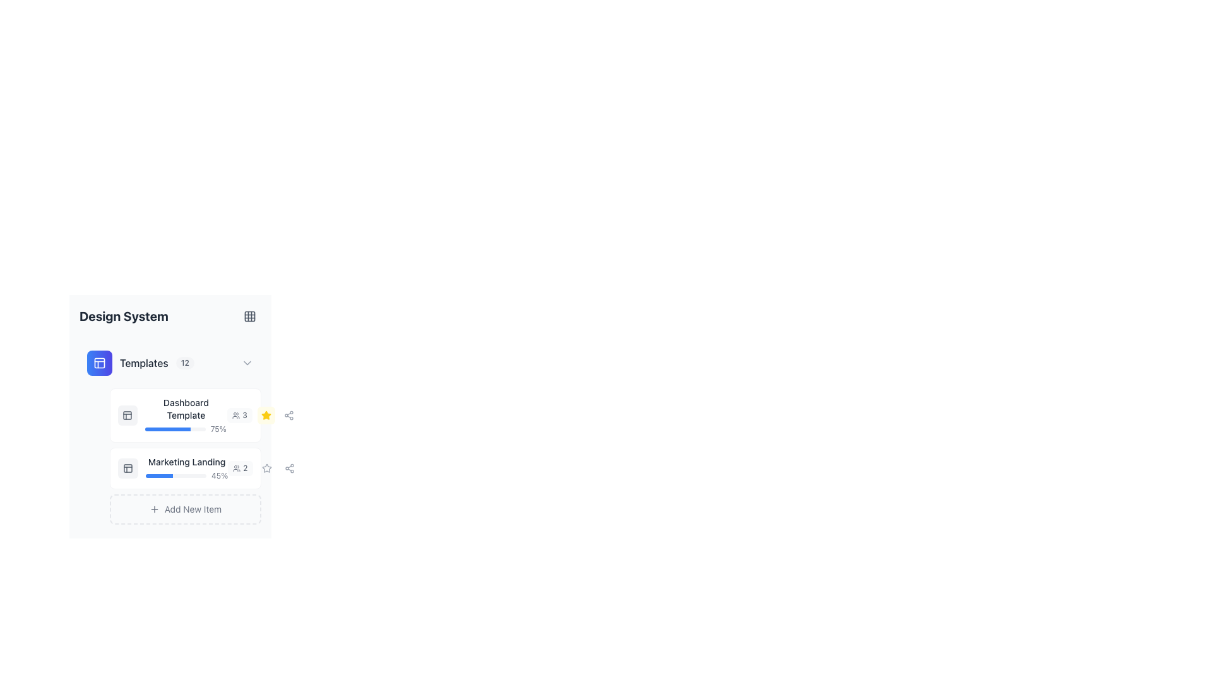  What do you see at coordinates (153, 508) in the screenshot?
I see `the SVG icon resembling a plus sign located to the left of the 'Add New Item' text within the interactive component at the bottom of the interface` at bounding box center [153, 508].